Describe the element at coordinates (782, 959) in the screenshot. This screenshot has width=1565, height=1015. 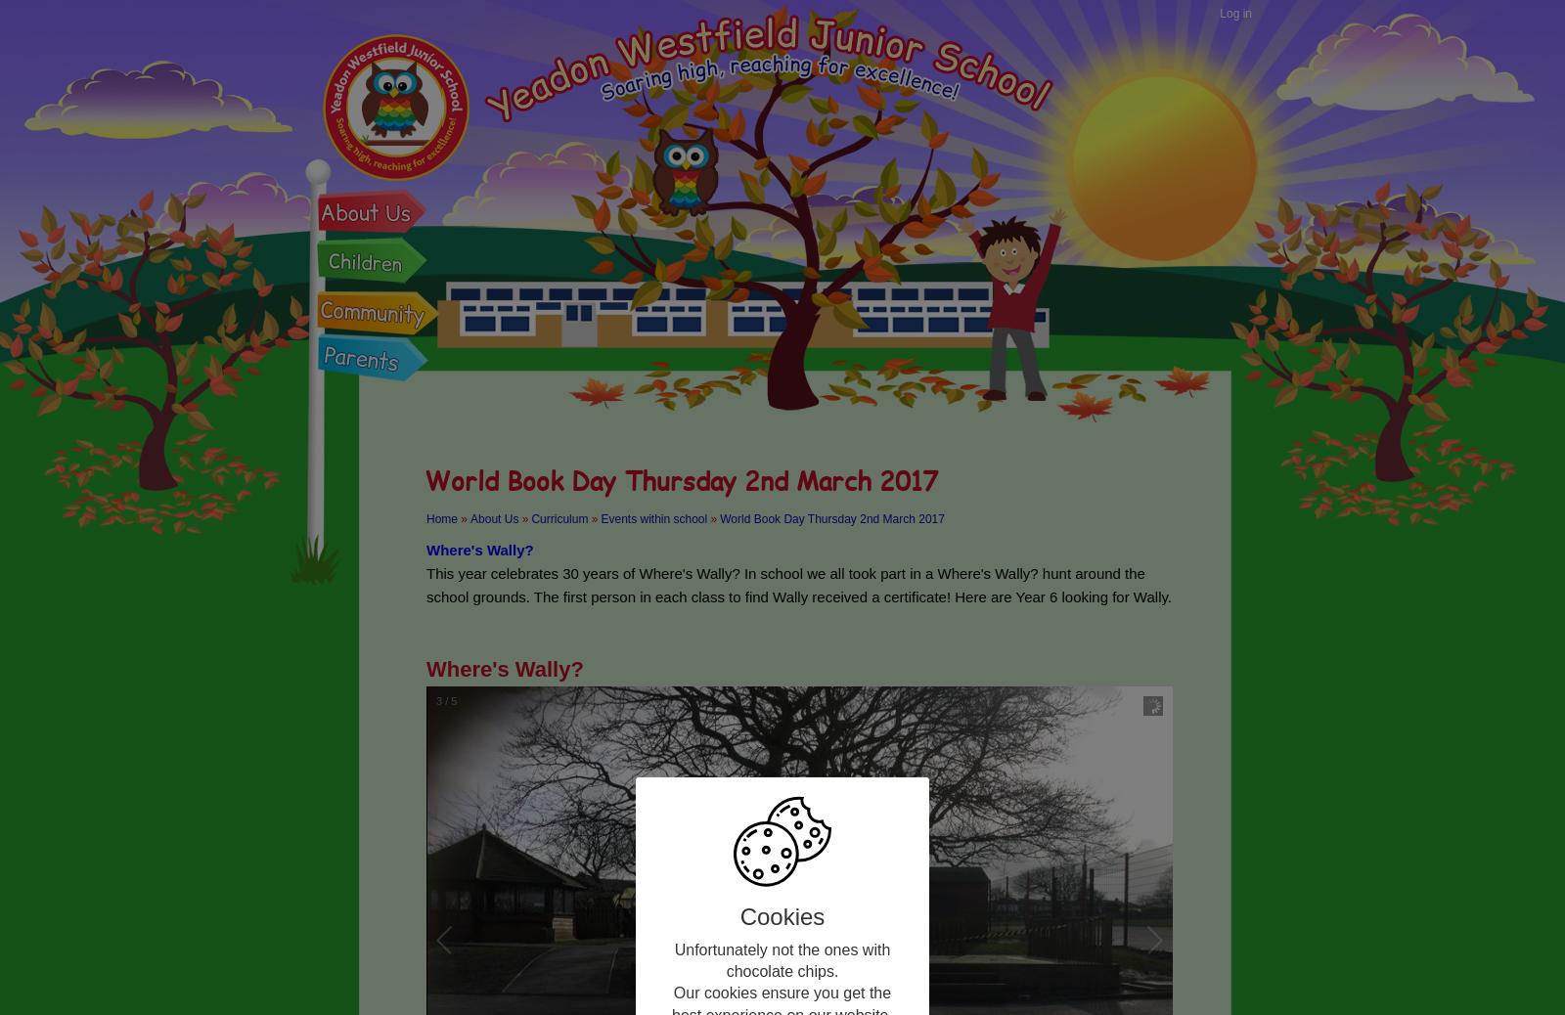
I see `'Unfortunately not the ones with chocolate chips.'` at that location.